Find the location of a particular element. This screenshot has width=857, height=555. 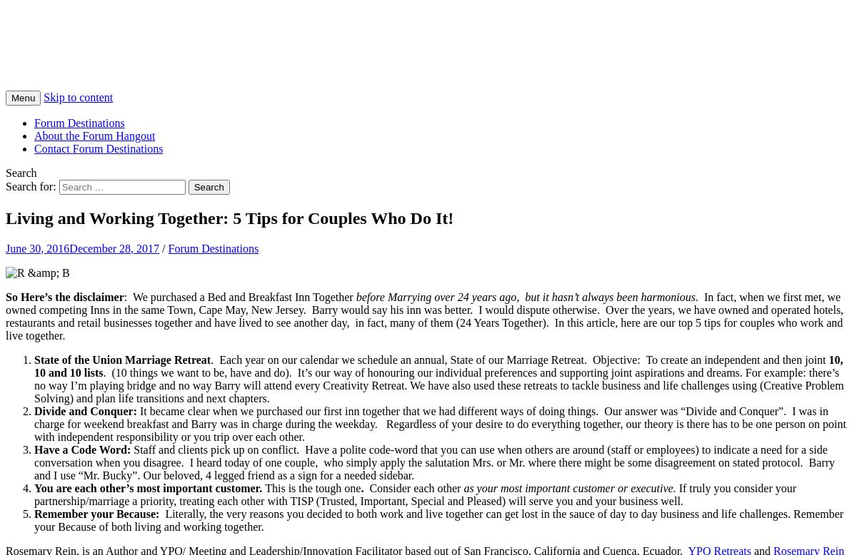

'Articles and Ideas on Leadership and Innovation from our YPO and EO Retreats' is located at coordinates (302, 65).